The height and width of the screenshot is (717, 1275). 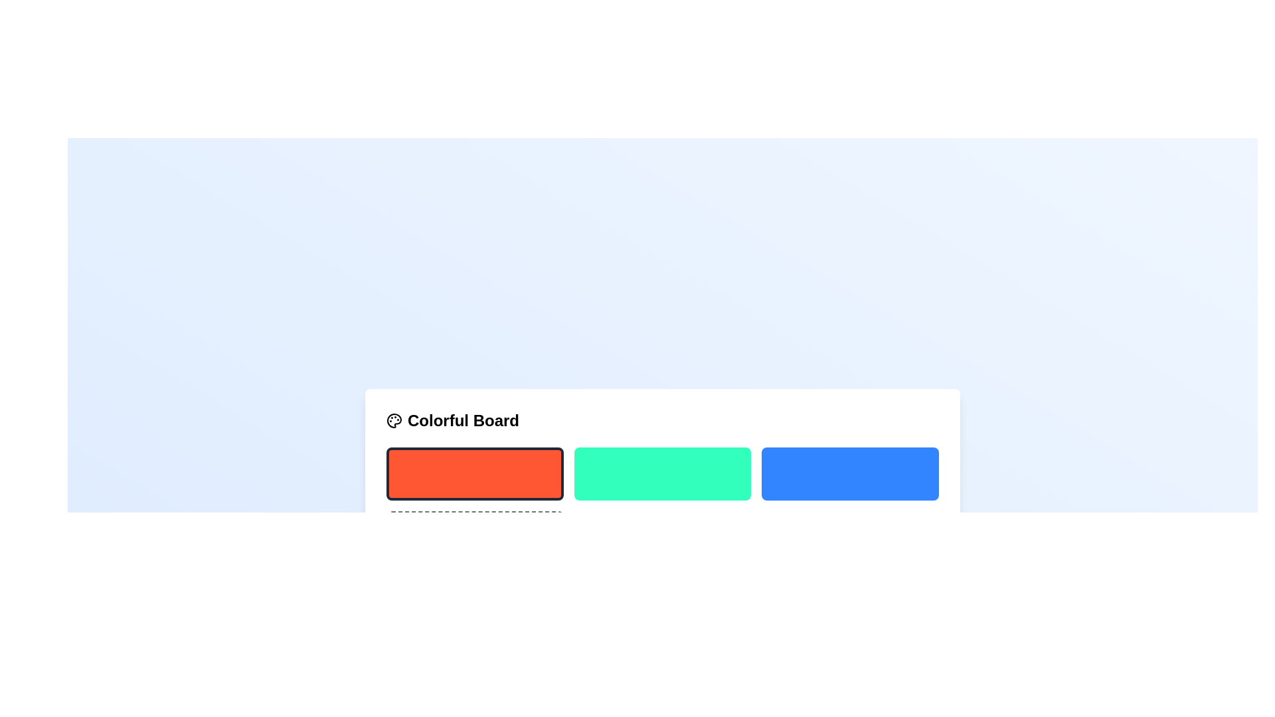 I want to click on the vibrant turquoise Selectable tile located in the center of the row of tiles below the 'Colorful Board' header, so click(x=663, y=499).